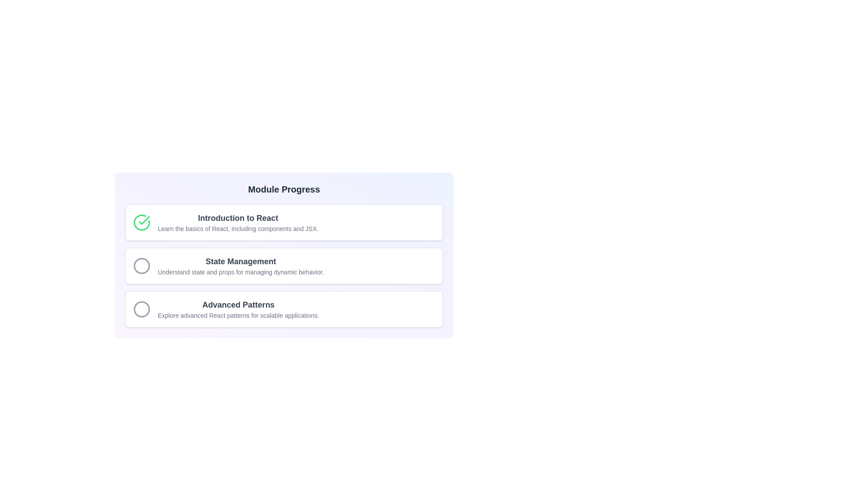 This screenshot has width=851, height=478. Describe the element at coordinates (241, 271) in the screenshot. I see `text snippet styled in a smaller font size and gray color that reads 'Understand state and props for managing dynamic behavior.' located below the 'State Management' heading` at that location.